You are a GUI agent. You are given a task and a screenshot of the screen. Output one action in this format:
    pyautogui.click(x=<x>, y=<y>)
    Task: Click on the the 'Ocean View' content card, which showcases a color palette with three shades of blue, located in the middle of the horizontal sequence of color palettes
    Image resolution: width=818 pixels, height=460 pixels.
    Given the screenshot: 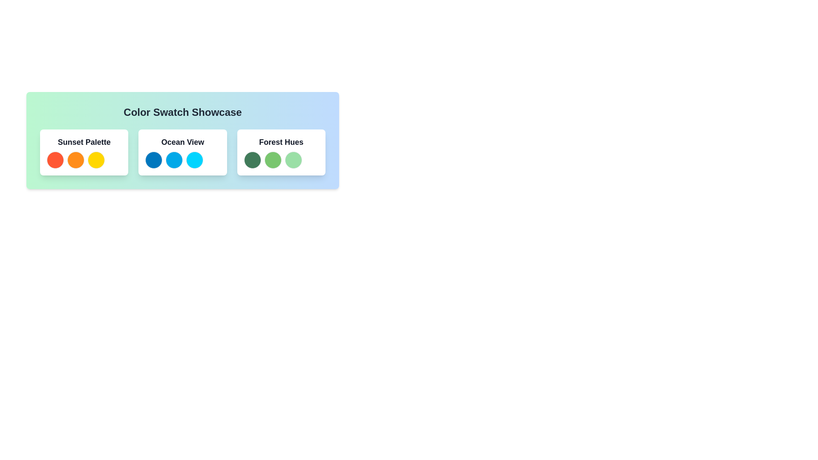 What is the action you would take?
    pyautogui.click(x=182, y=152)
    